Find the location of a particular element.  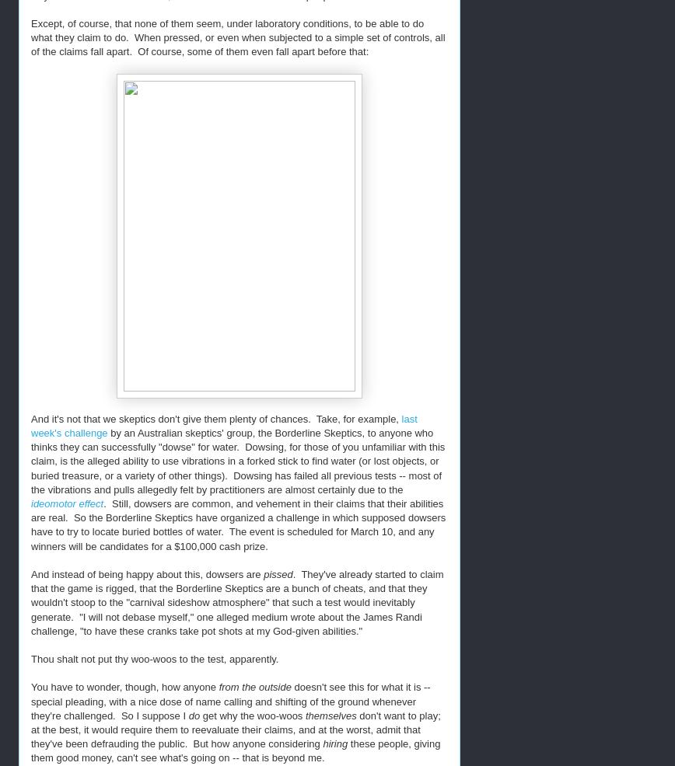

'do' is located at coordinates (195, 715).